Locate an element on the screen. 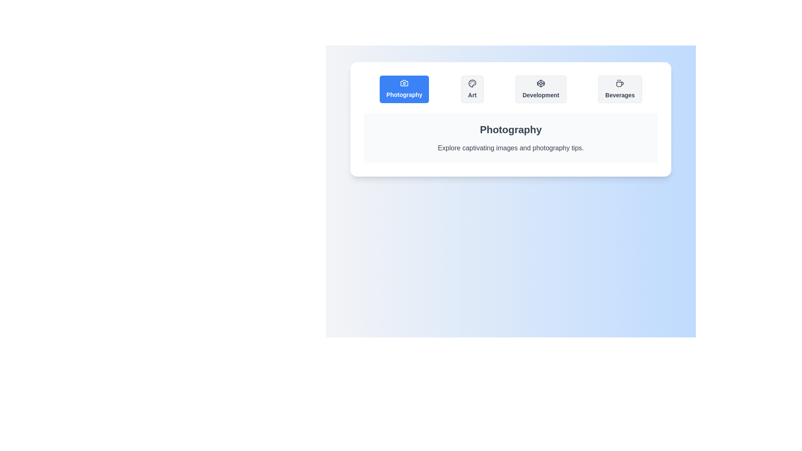 This screenshot has height=451, width=802. the tab labeled Beverages to view its content is located at coordinates (620, 89).